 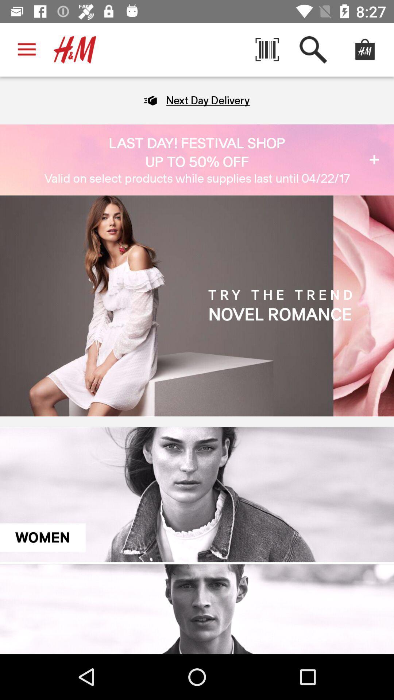 I want to click on the icon above next day delivery icon, so click(x=267, y=49).